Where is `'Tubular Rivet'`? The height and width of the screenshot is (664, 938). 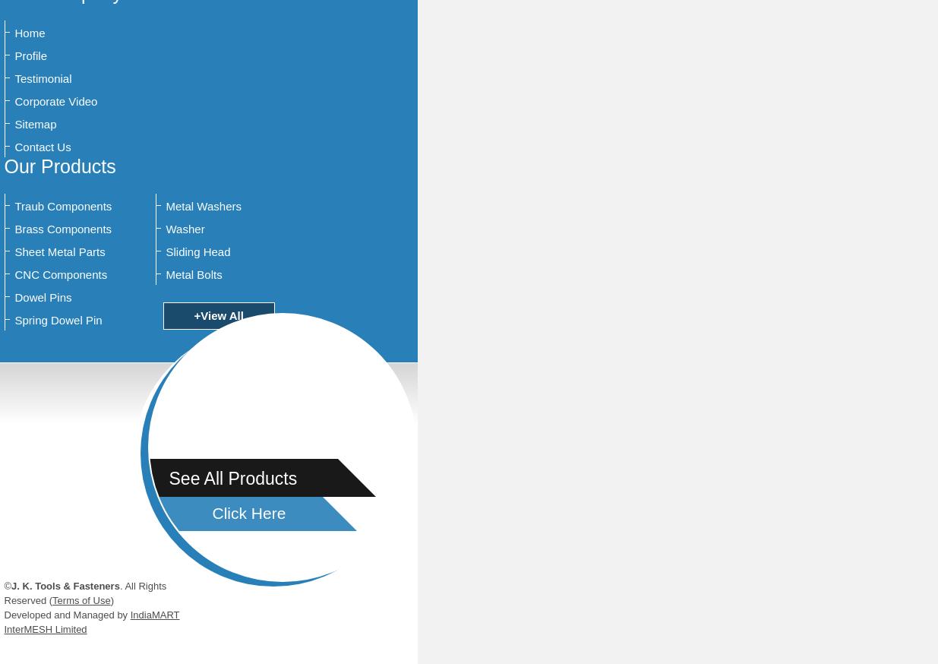 'Tubular Rivet' is located at coordinates (446, 513).